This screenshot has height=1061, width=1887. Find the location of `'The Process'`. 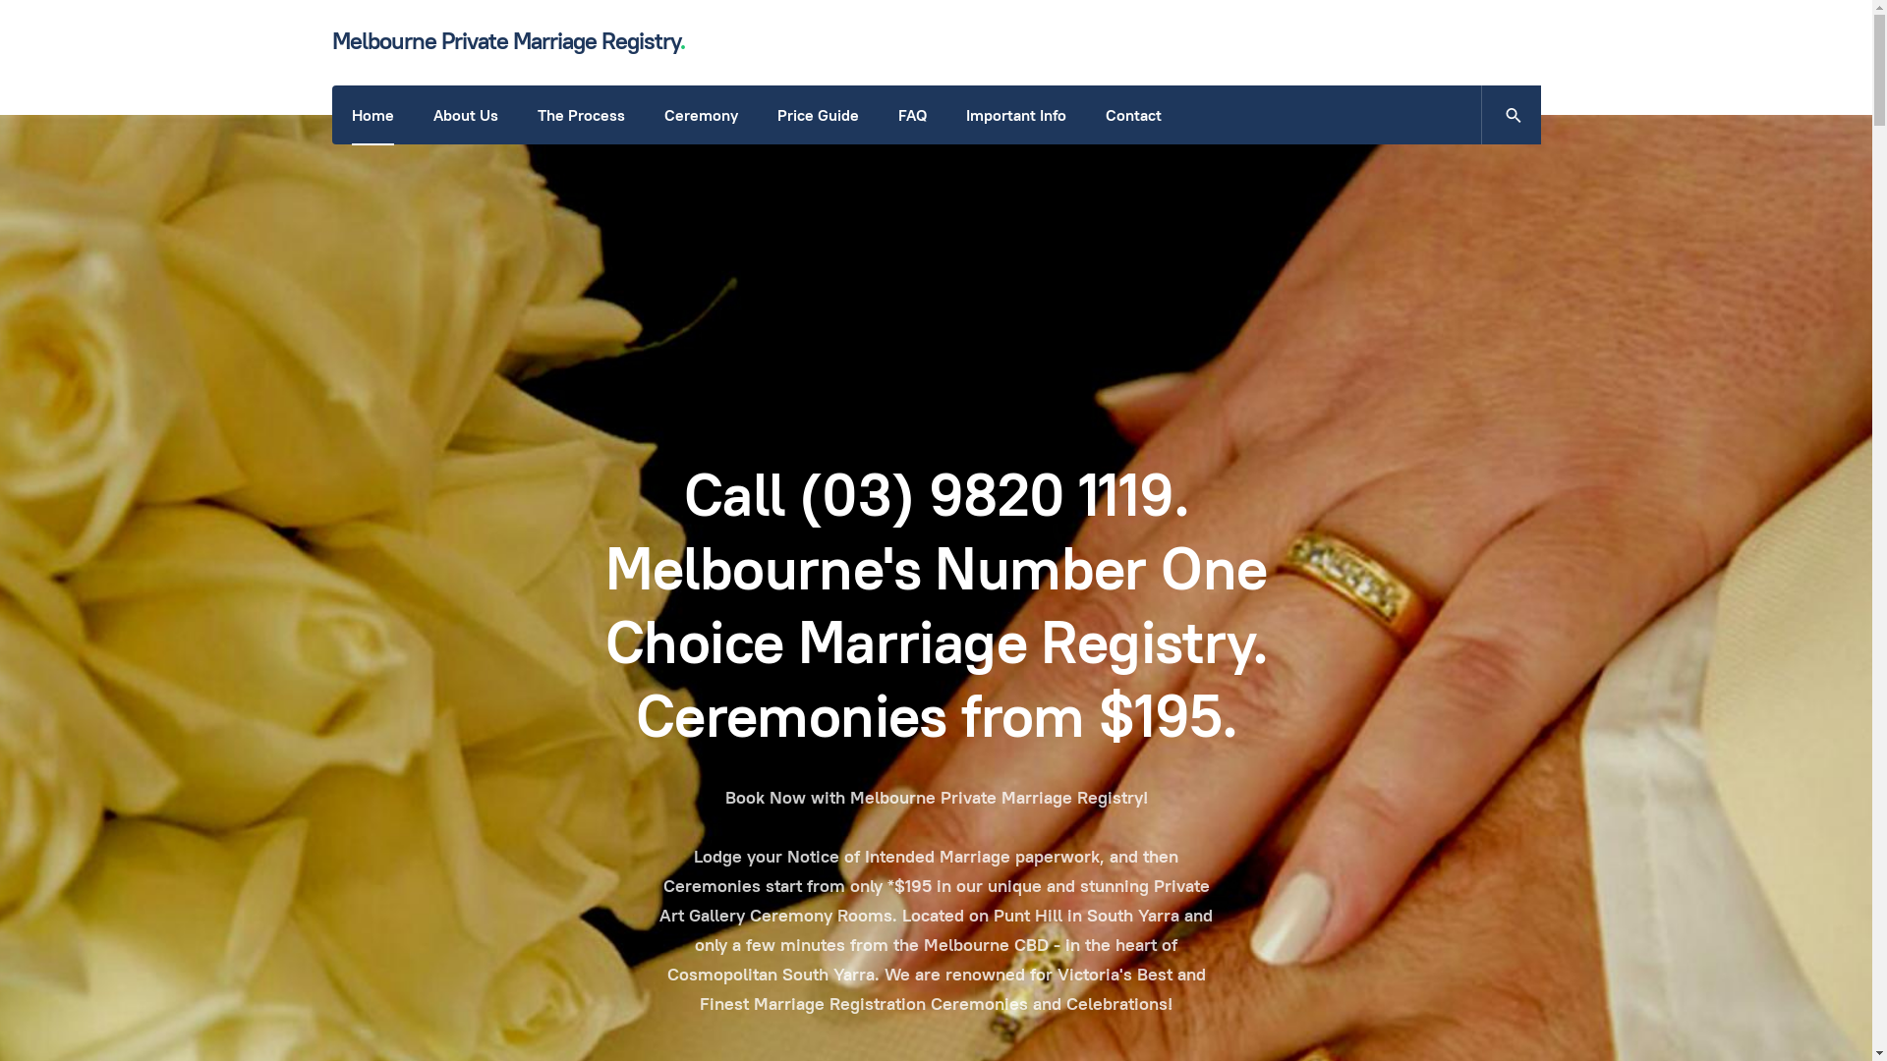

'The Process' is located at coordinates (579, 114).